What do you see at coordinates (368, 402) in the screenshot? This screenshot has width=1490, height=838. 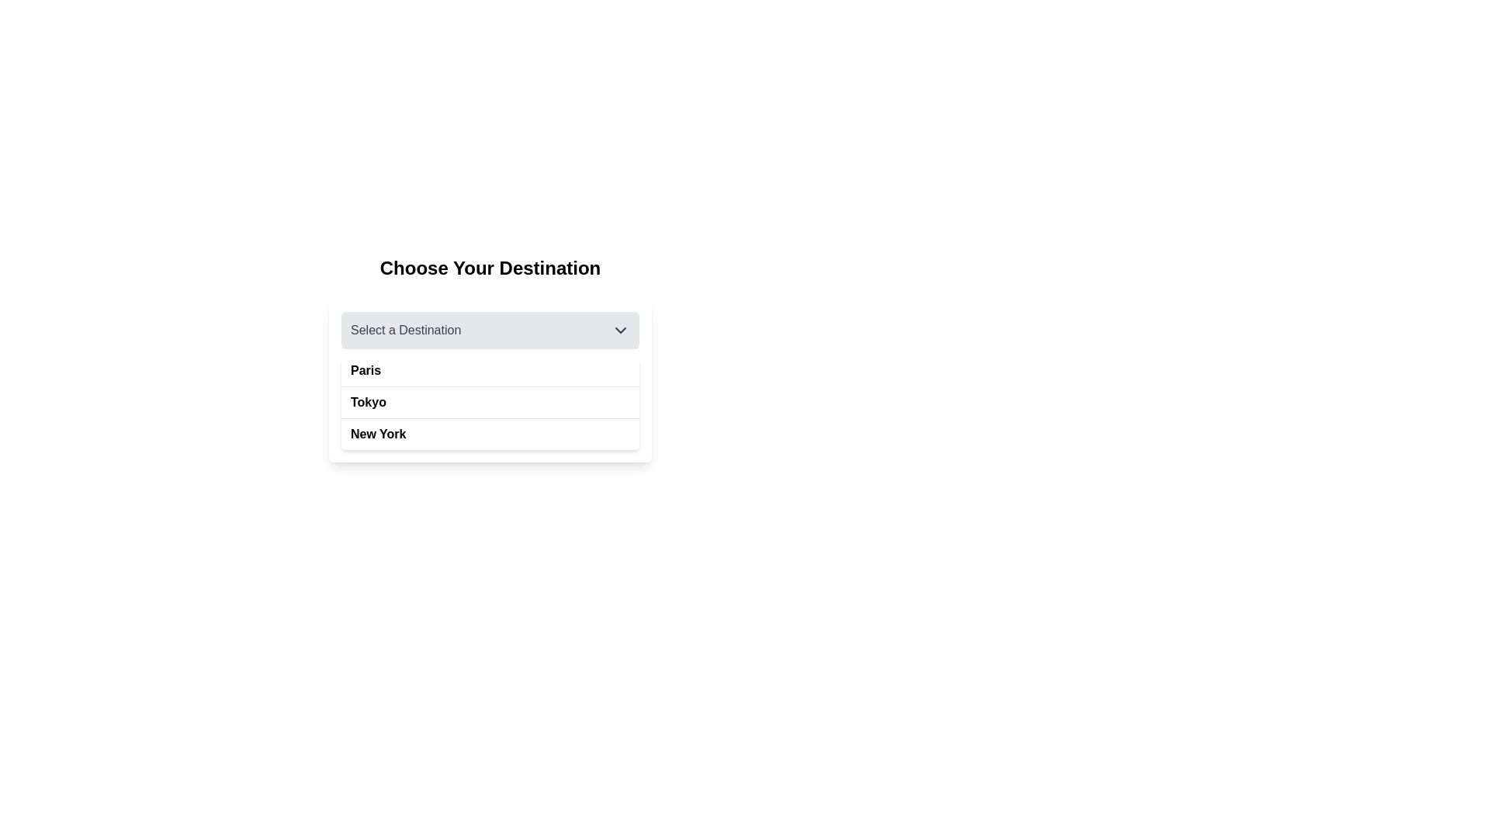 I see `the 'Tokyo' text label in the dropdown menu` at bounding box center [368, 402].